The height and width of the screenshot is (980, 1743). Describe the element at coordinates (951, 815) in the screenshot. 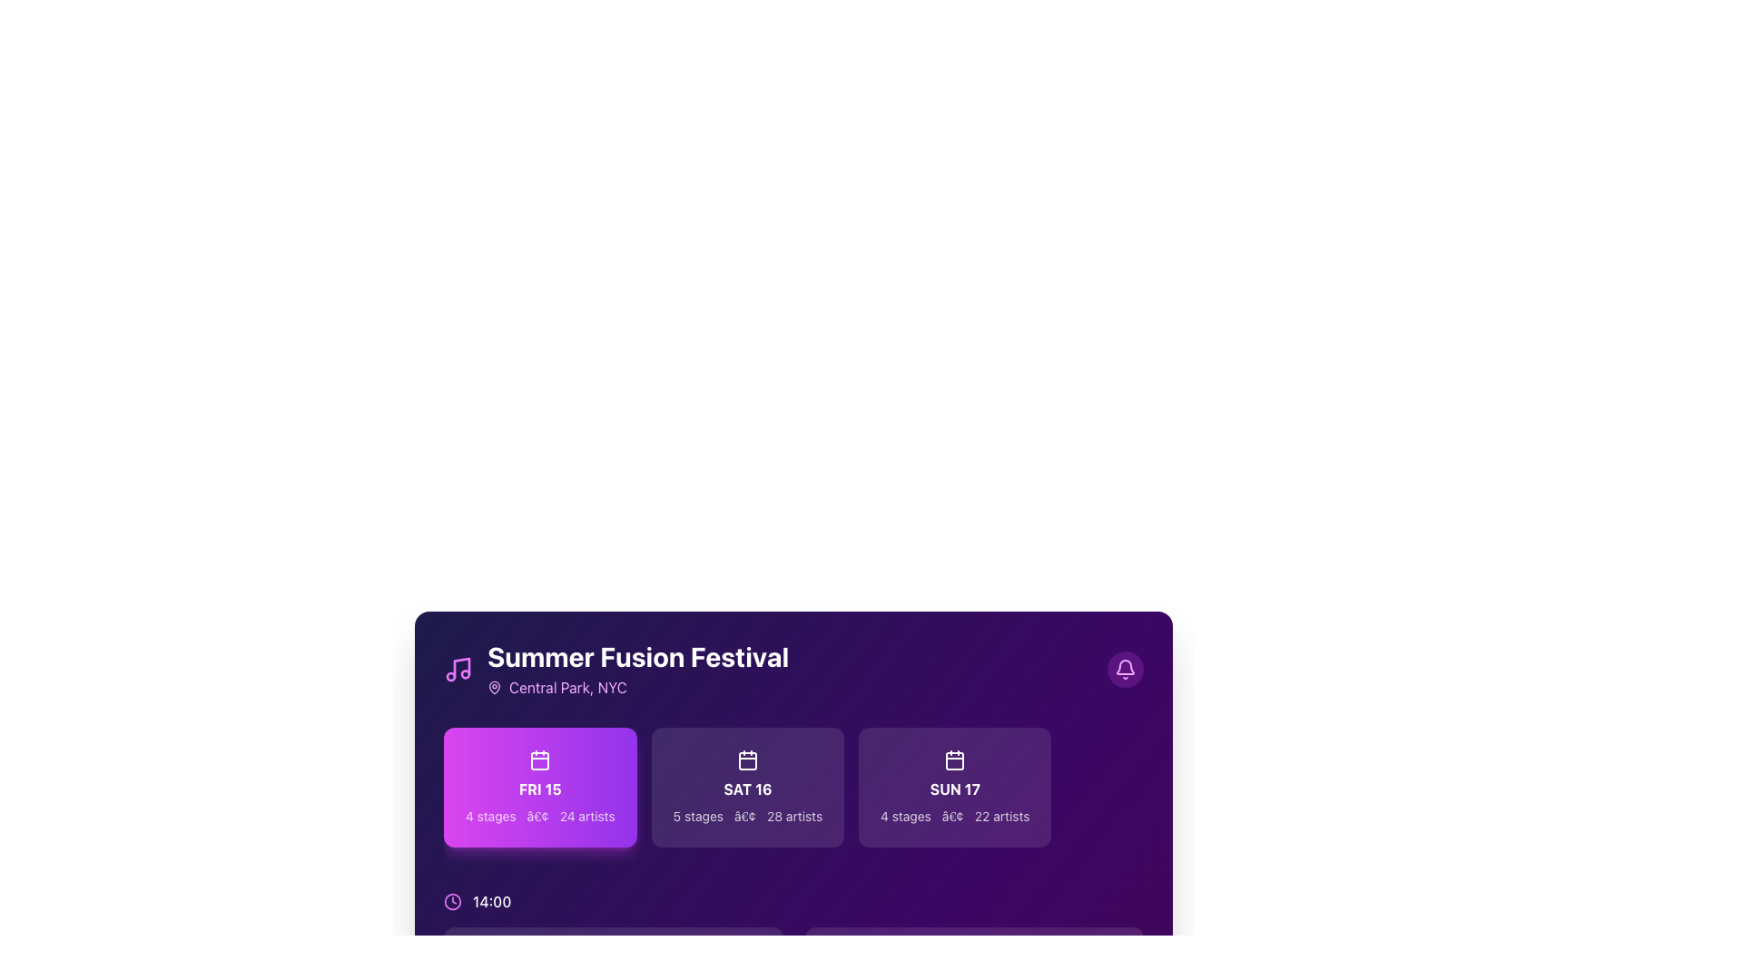

I see `the text separator element represented by the dot glyph between '4 stages' and '22 artists' in the card labeled 'SUN 17'` at that location.